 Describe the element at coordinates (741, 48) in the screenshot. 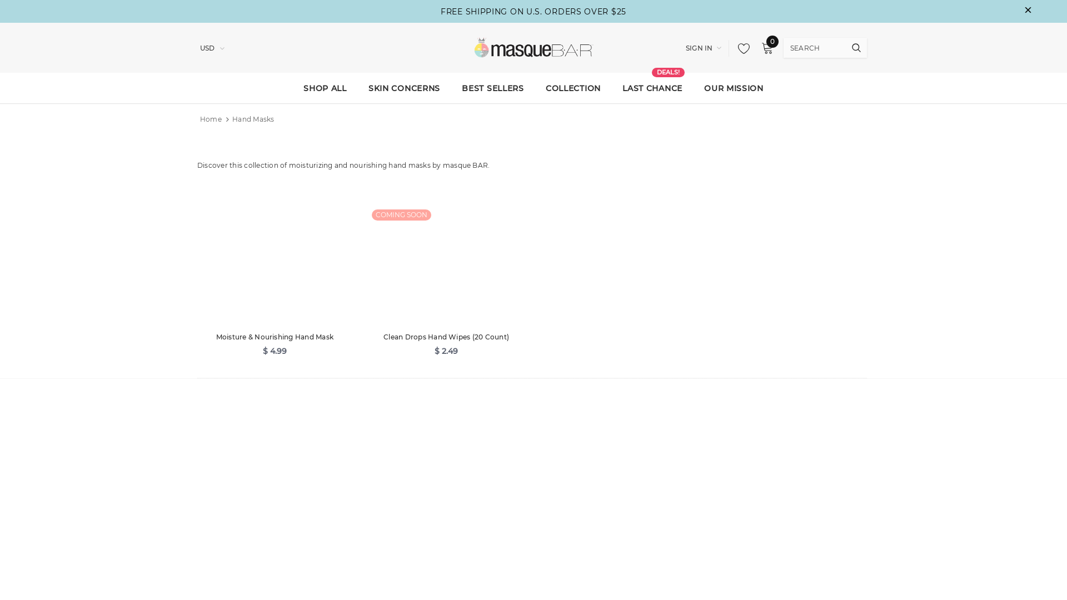

I see `'My Wishlists'` at that location.